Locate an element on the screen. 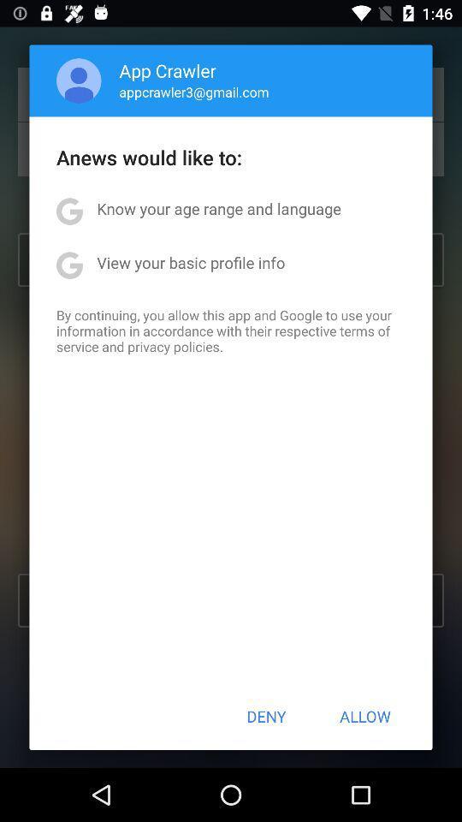 Image resolution: width=462 pixels, height=822 pixels. item to the left of app crawler app is located at coordinates (78, 80).